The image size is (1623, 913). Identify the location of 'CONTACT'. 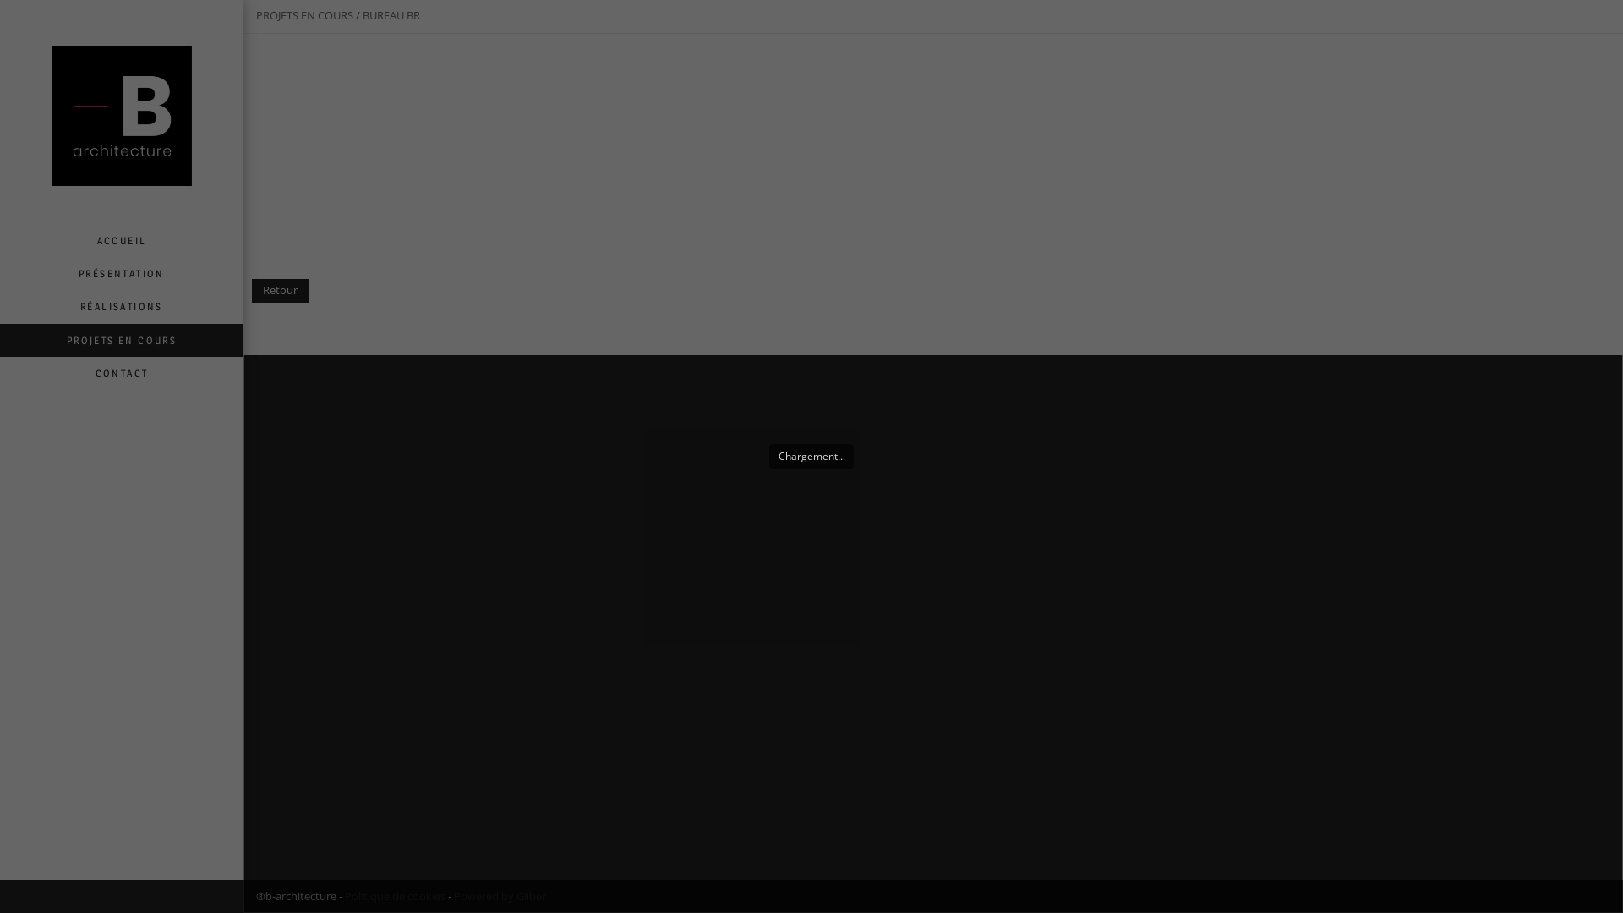
(121, 372).